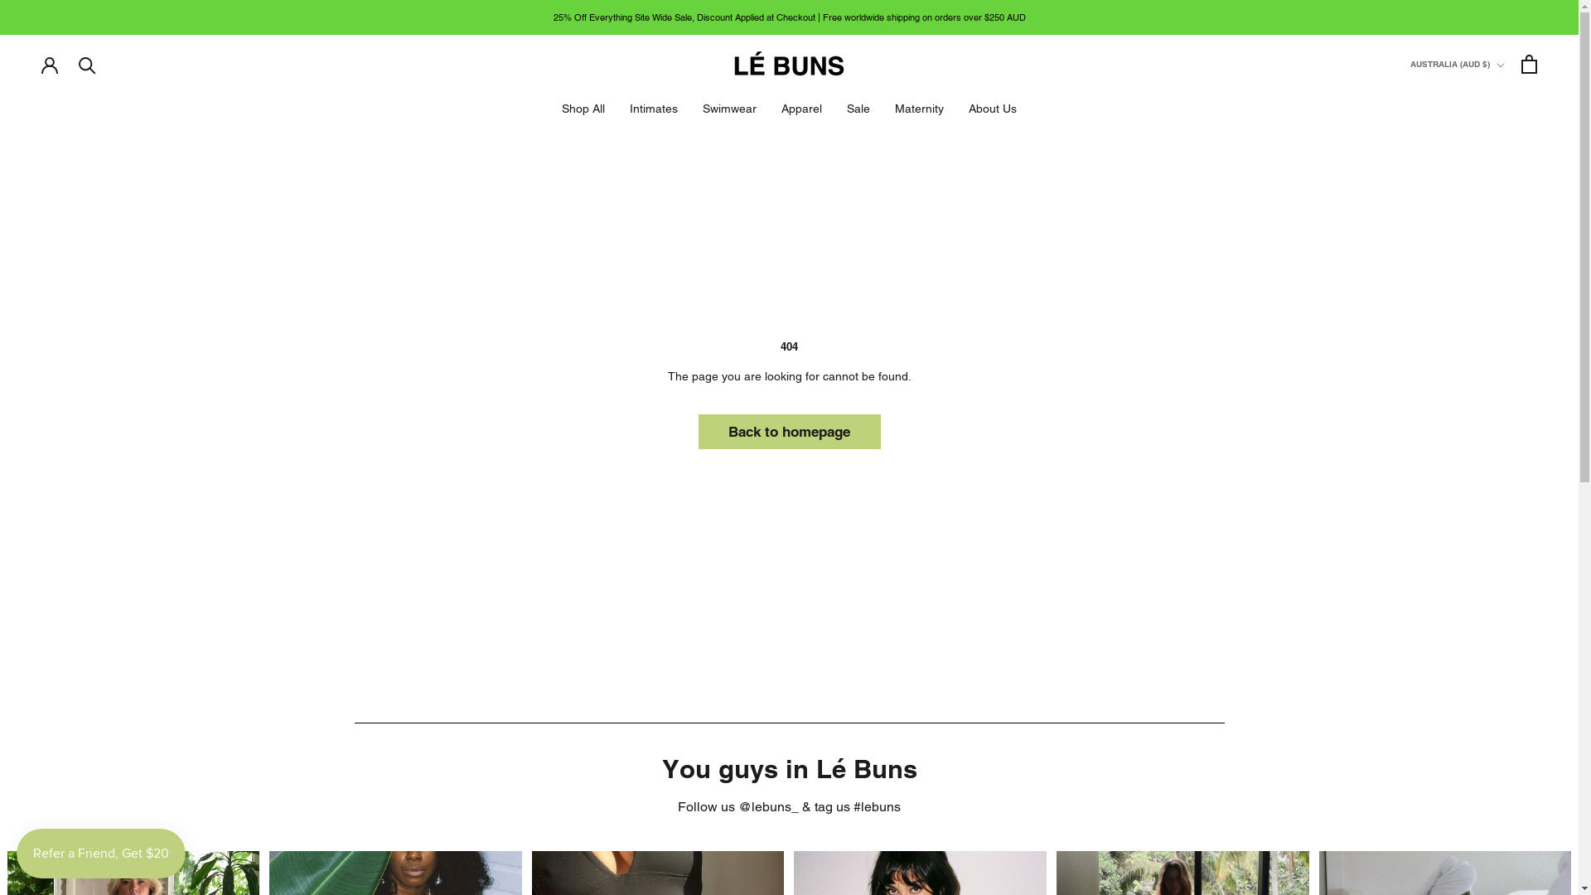 The width and height of the screenshot is (1591, 895). Describe the element at coordinates (16, 853) in the screenshot. I see `'Smile.io Rewards Program Launcher'` at that location.